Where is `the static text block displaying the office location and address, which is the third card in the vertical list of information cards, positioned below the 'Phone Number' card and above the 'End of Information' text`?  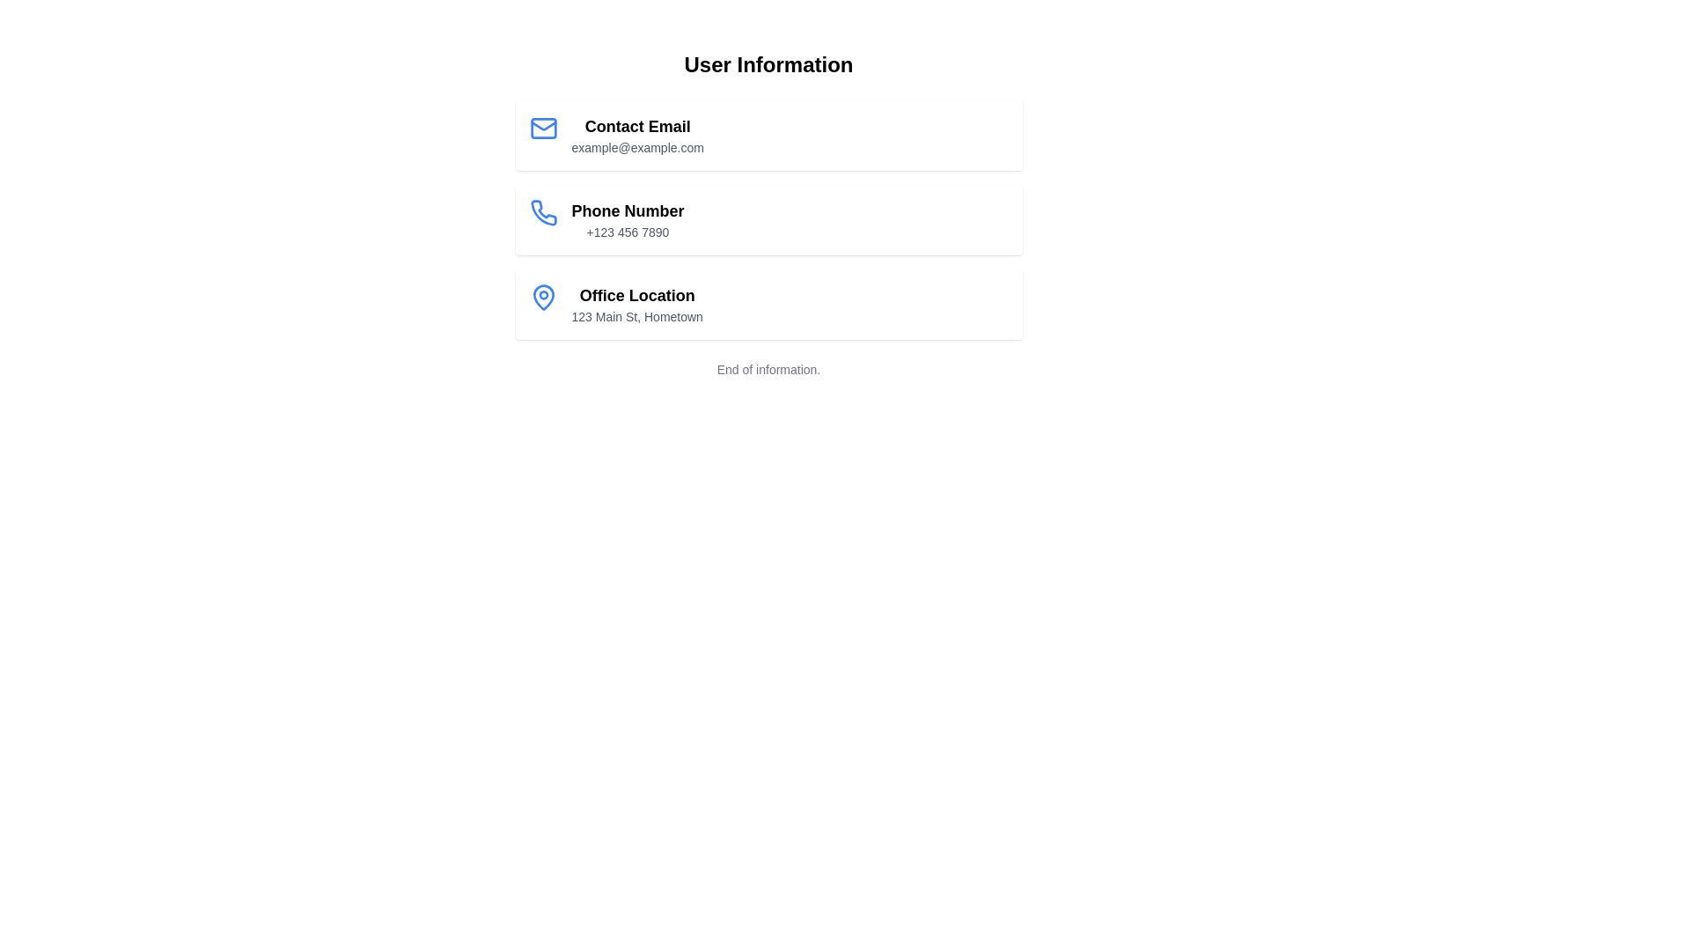 the static text block displaying the office location and address, which is the third card in the vertical list of information cards, positioned below the 'Phone Number' card and above the 'End of Information' text is located at coordinates (636, 304).